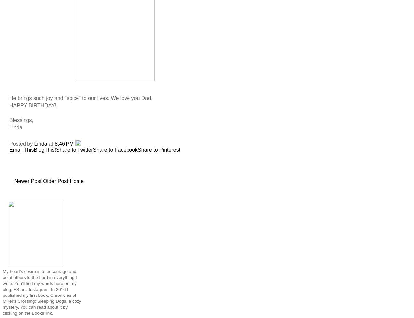 Image resolution: width=414 pixels, height=318 pixels. What do you see at coordinates (115, 149) in the screenshot?
I see `'Share to Facebook'` at bounding box center [115, 149].